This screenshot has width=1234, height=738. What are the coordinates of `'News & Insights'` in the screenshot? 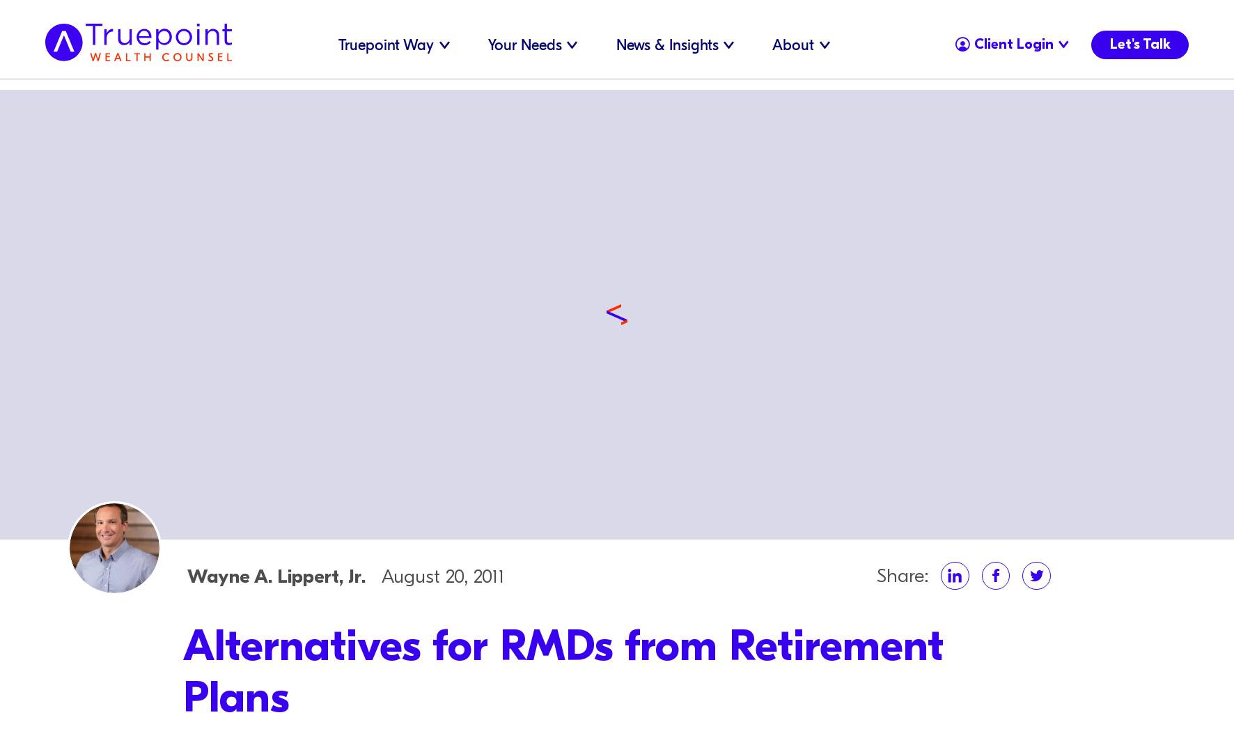 It's located at (666, 45).